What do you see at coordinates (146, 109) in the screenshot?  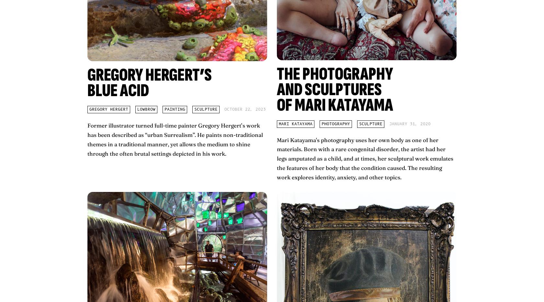 I see `'lowbrow'` at bounding box center [146, 109].